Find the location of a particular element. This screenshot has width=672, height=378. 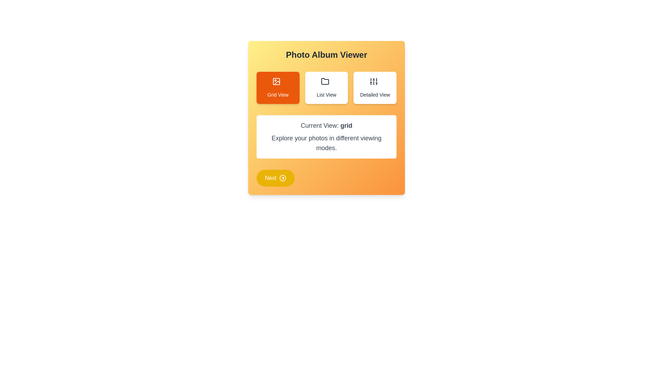

the 'Detailed View' button, which is a white rectangular button with rounded corners, located at the top of the 'Photo Album Viewer' dialog, positioned to the right of the 'Grid View' and 'List View' buttons is located at coordinates (374, 87).